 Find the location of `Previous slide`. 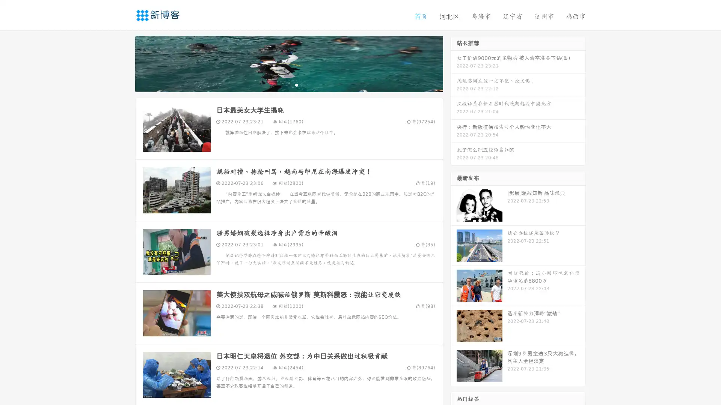

Previous slide is located at coordinates (124, 63).